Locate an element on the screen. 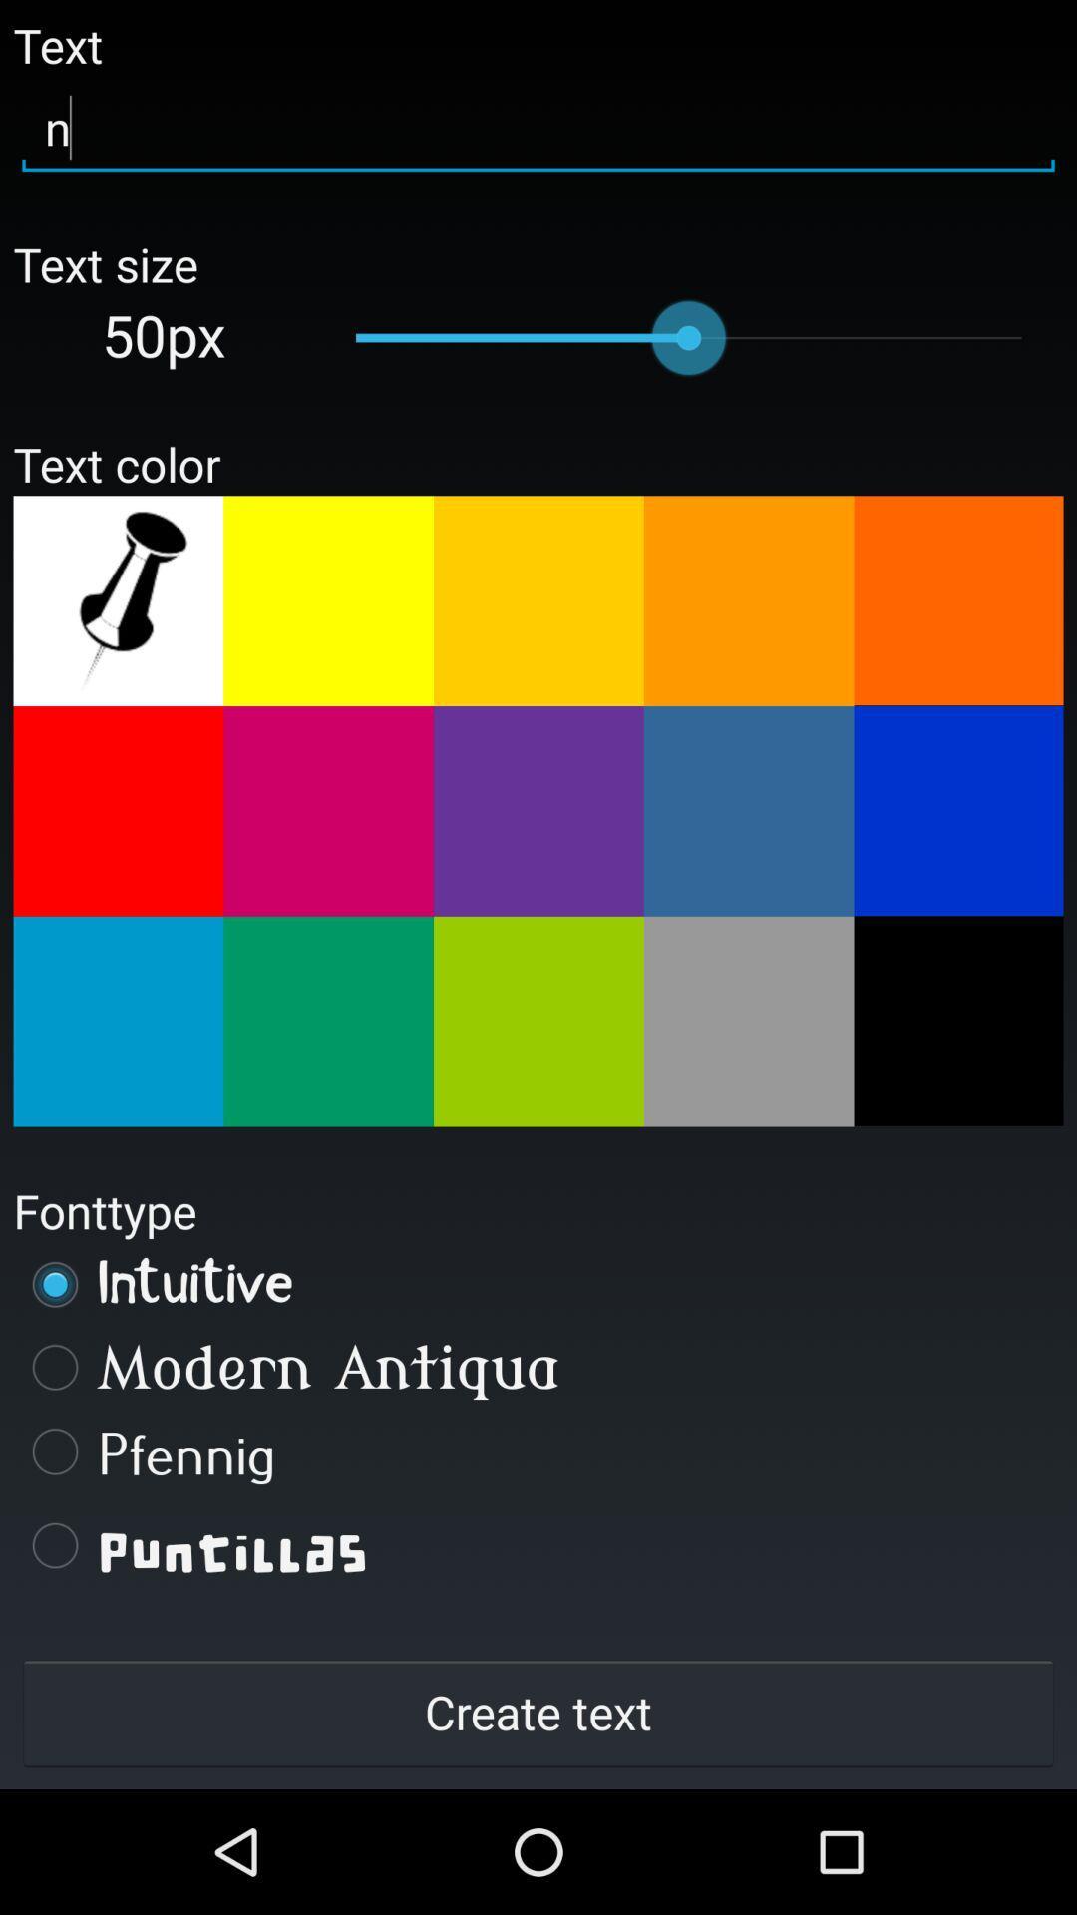 This screenshot has width=1077, height=1915. blue color is located at coordinates (118, 1021).